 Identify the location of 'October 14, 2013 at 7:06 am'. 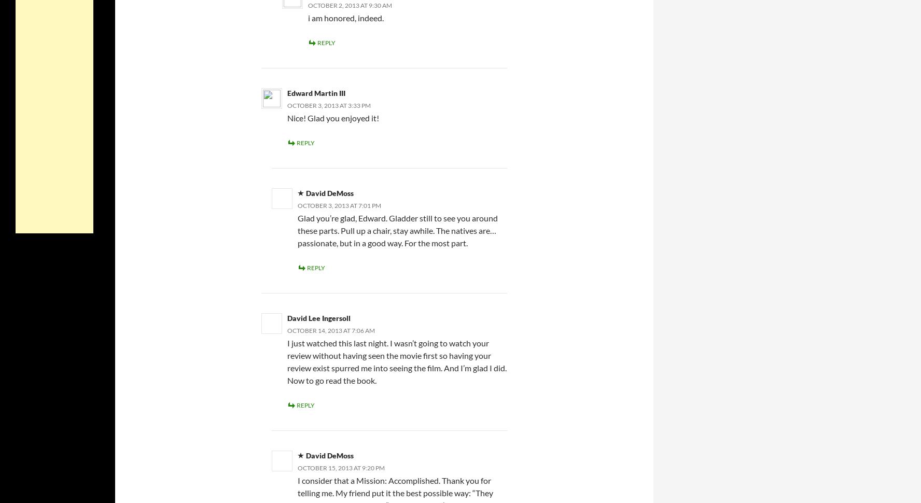
(330, 329).